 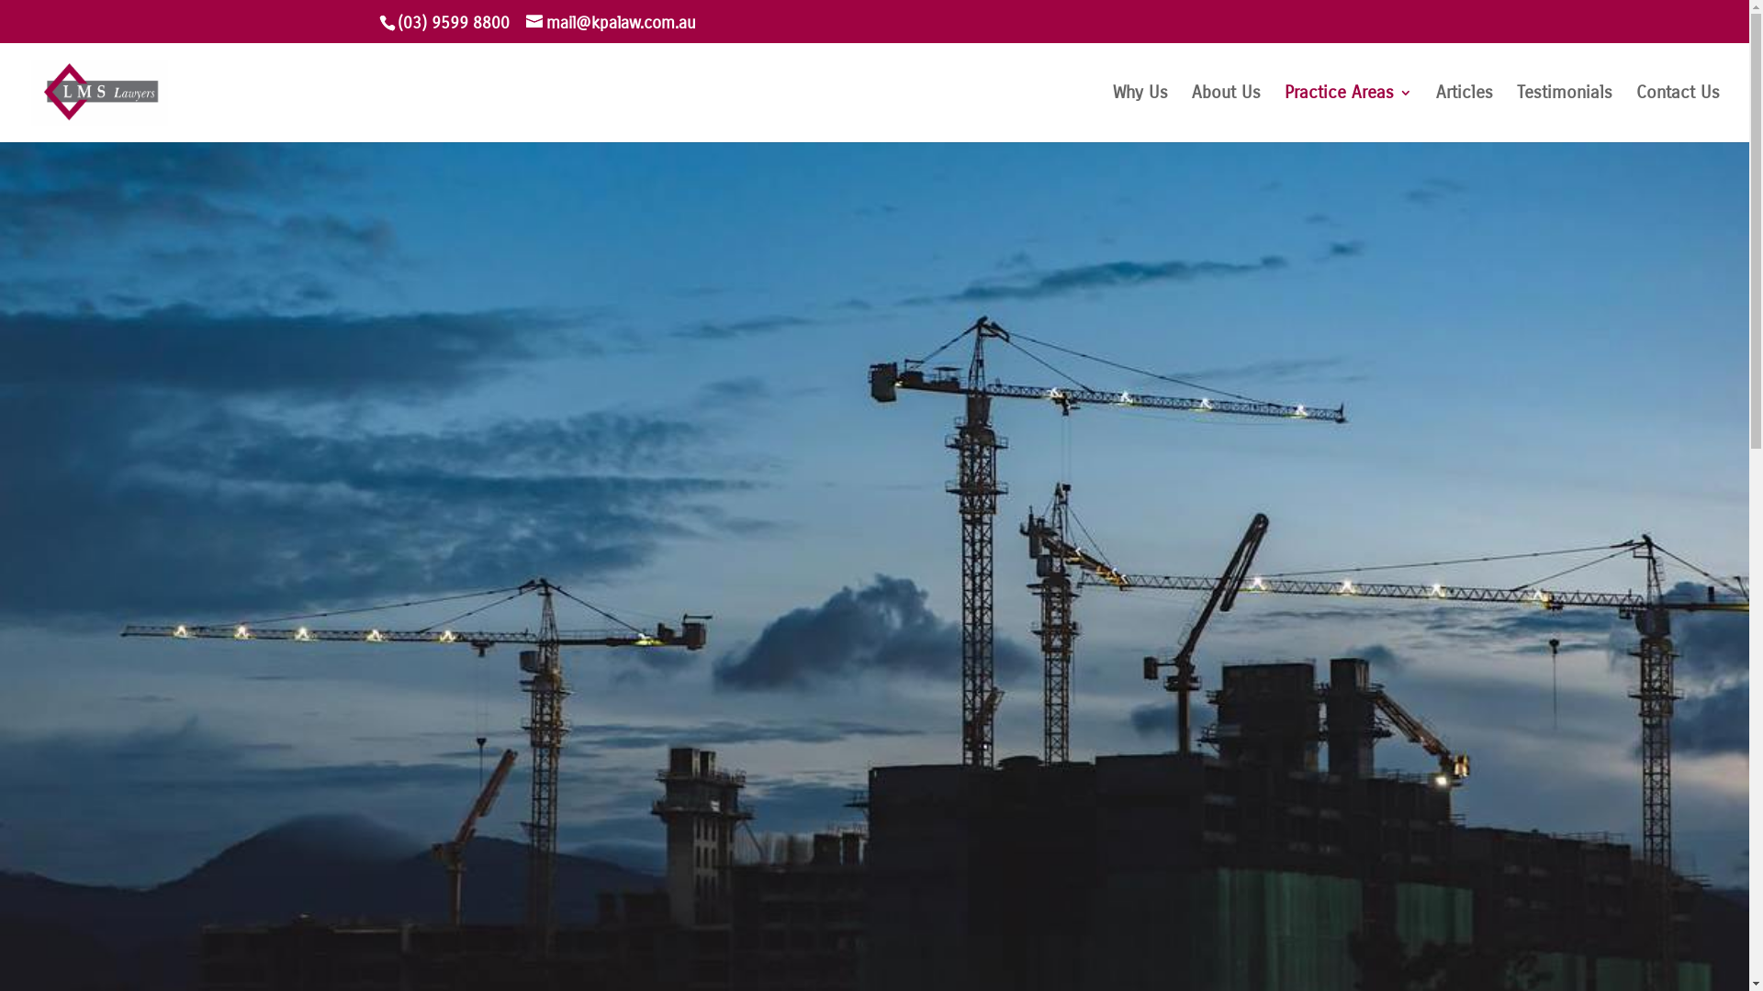 What do you see at coordinates (1226, 114) in the screenshot?
I see `'About Us'` at bounding box center [1226, 114].